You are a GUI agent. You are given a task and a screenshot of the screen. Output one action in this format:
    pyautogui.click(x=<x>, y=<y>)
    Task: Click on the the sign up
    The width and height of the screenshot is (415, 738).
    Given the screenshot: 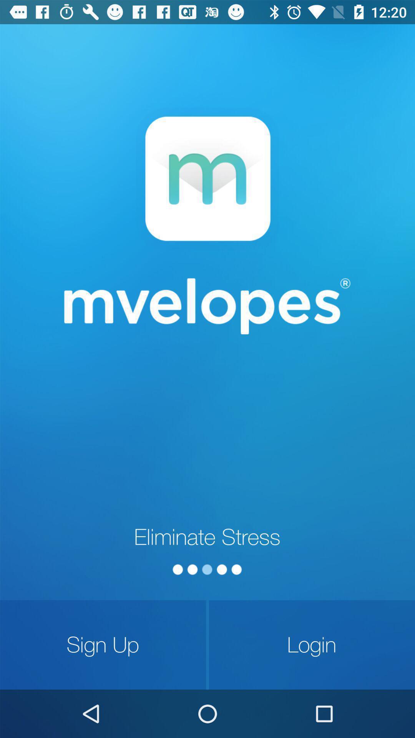 What is the action you would take?
    pyautogui.click(x=103, y=645)
    